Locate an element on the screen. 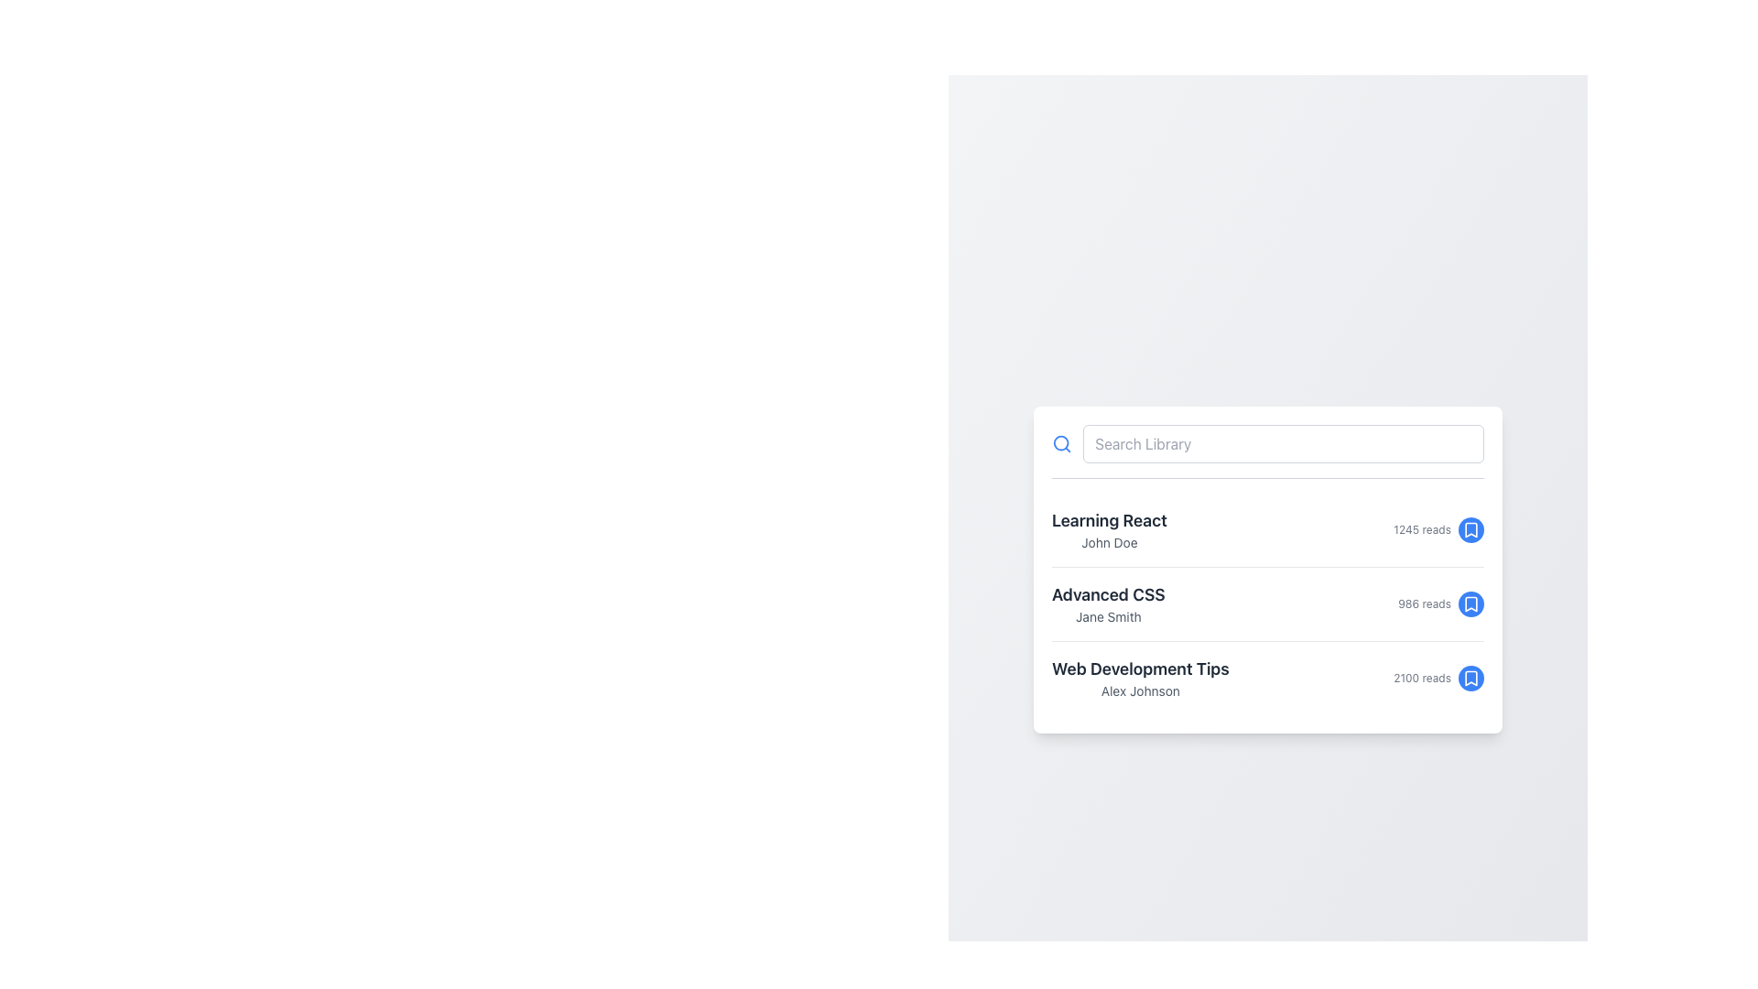 The height and width of the screenshot is (989, 1758). the static text label displaying the author or contributor's name, located below the title 'Web Development Tips' on the third line of the content list is located at coordinates (1139, 690).